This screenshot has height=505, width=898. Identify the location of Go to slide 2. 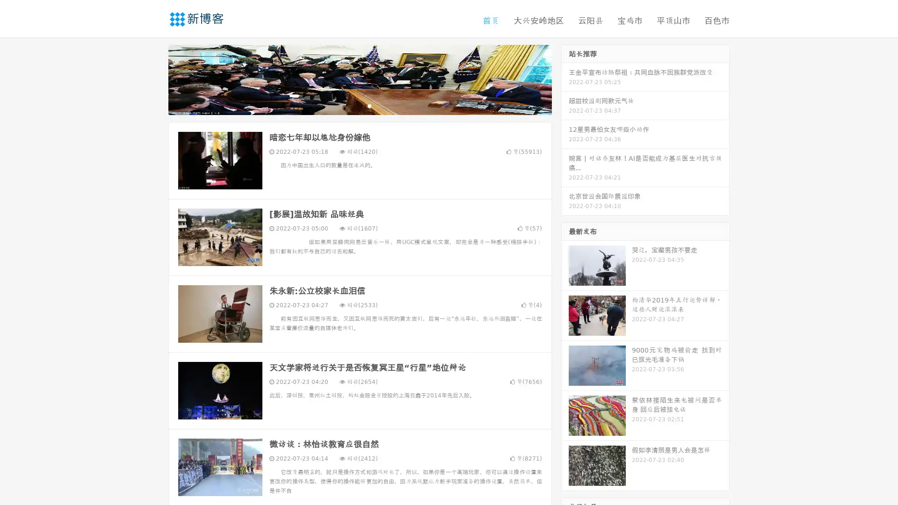
(359, 105).